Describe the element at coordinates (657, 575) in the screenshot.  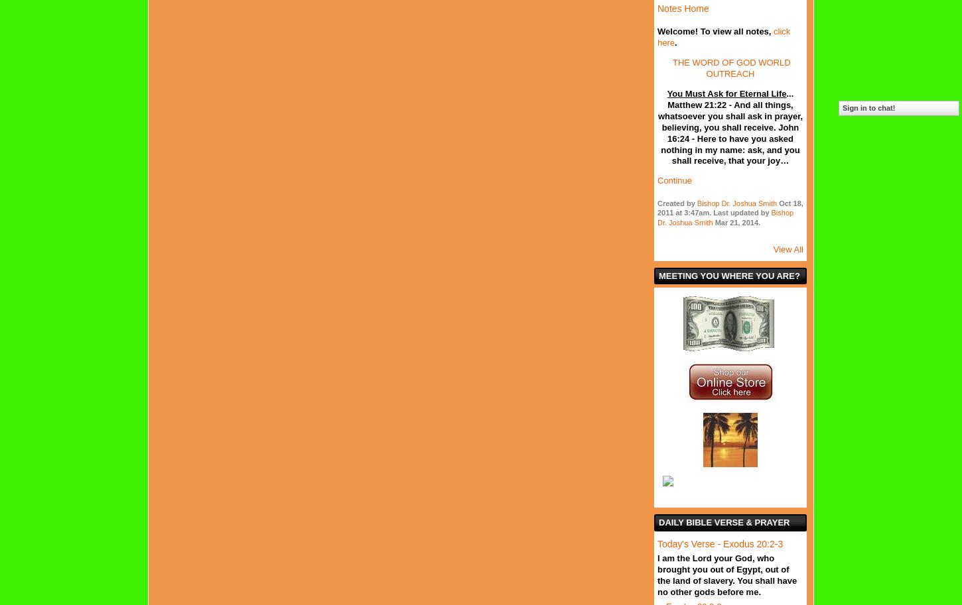
I see `'I am the Lord your God, who brought you out of Egypt, out of the land of slavery. You shall have no other gods before me.'` at that location.